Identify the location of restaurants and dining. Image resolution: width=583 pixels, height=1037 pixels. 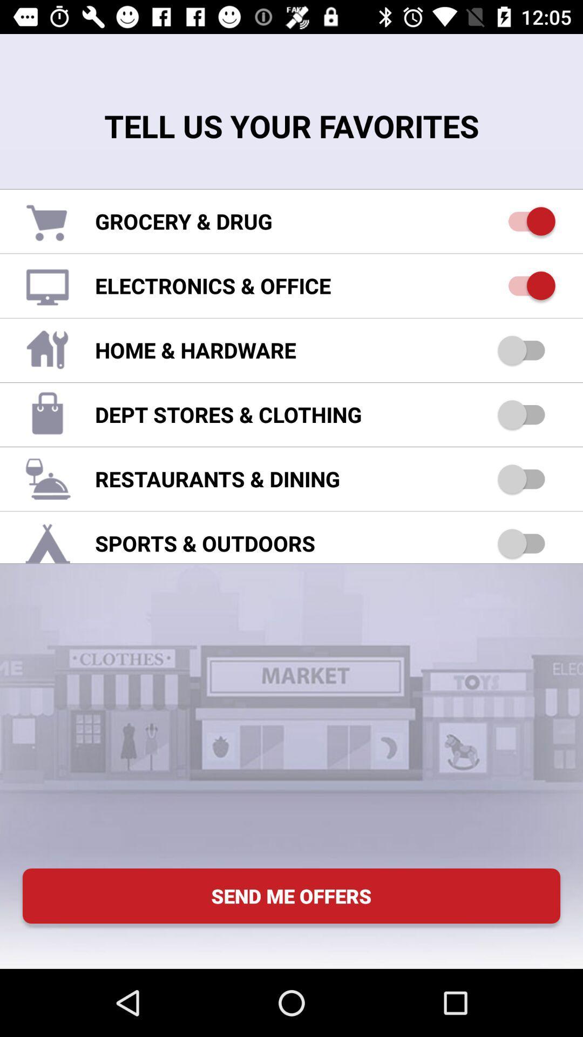
(526, 478).